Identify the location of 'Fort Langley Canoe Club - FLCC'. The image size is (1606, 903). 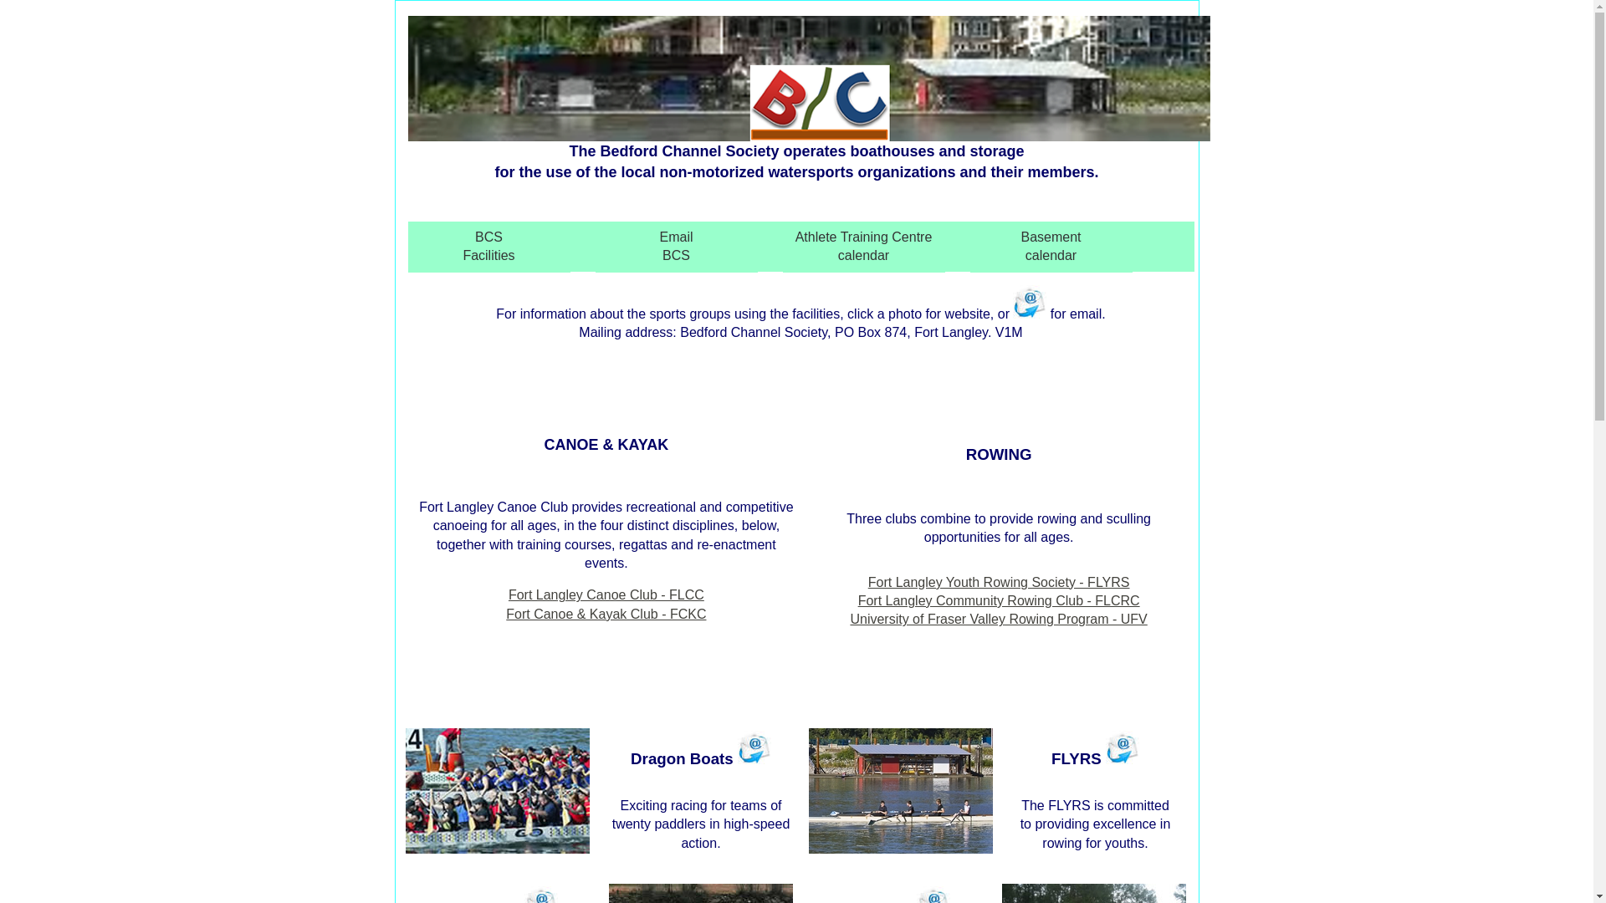
(605, 594).